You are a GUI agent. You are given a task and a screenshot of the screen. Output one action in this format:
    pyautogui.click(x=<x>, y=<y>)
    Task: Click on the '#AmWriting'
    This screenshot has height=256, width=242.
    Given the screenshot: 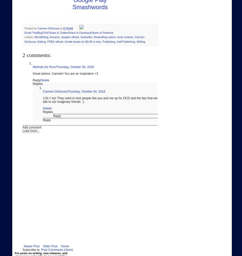 What is the action you would take?
    pyautogui.click(x=41, y=37)
    